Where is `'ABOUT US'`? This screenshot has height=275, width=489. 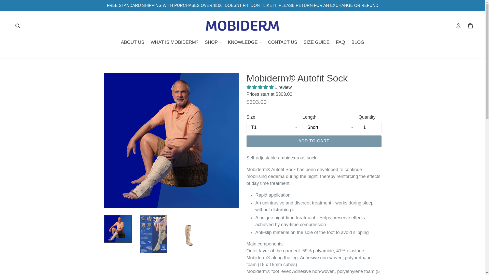 'ABOUT US' is located at coordinates (118, 43).